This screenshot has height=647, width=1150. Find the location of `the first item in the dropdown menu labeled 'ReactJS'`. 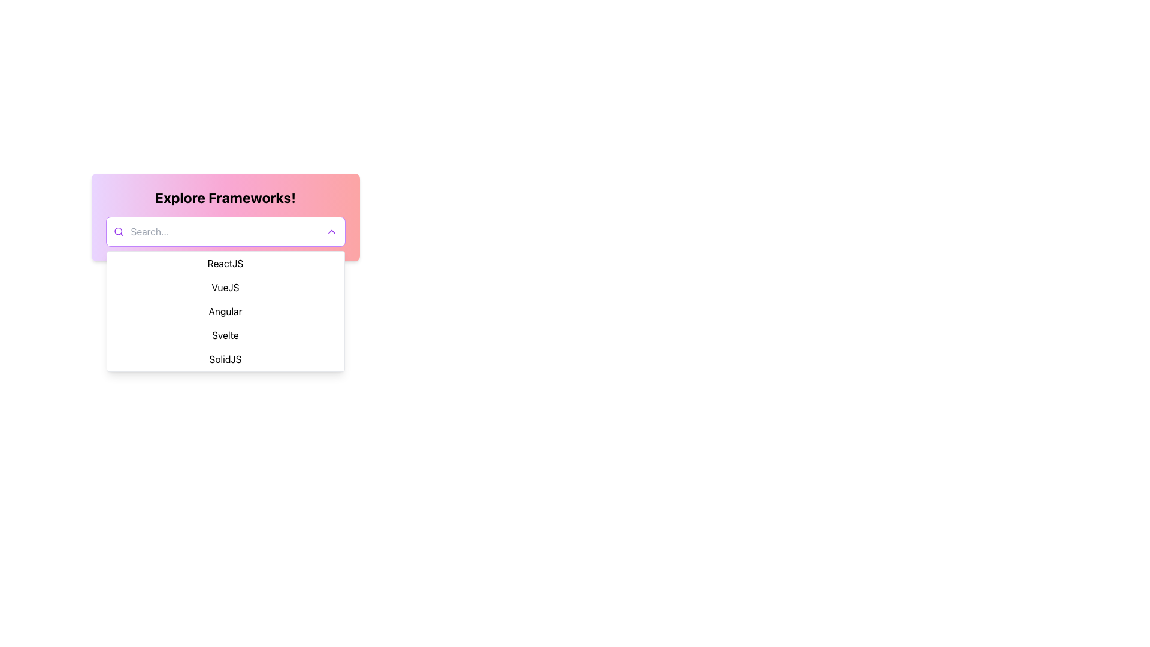

the first item in the dropdown menu labeled 'ReactJS' is located at coordinates (225, 262).